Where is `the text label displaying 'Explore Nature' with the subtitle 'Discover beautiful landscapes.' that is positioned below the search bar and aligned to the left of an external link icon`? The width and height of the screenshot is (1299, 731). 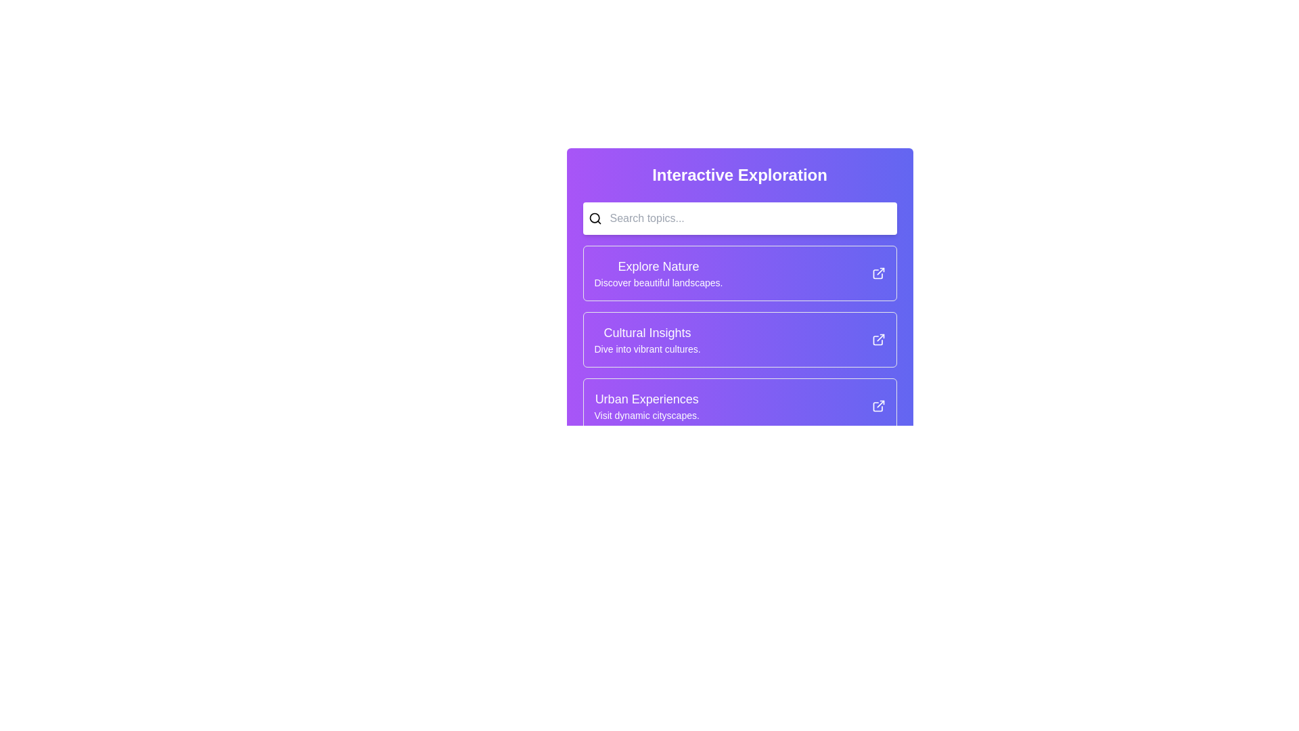
the text label displaying 'Explore Nature' with the subtitle 'Discover beautiful landscapes.' that is positioned below the search bar and aligned to the left of an external link icon is located at coordinates (658, 273).